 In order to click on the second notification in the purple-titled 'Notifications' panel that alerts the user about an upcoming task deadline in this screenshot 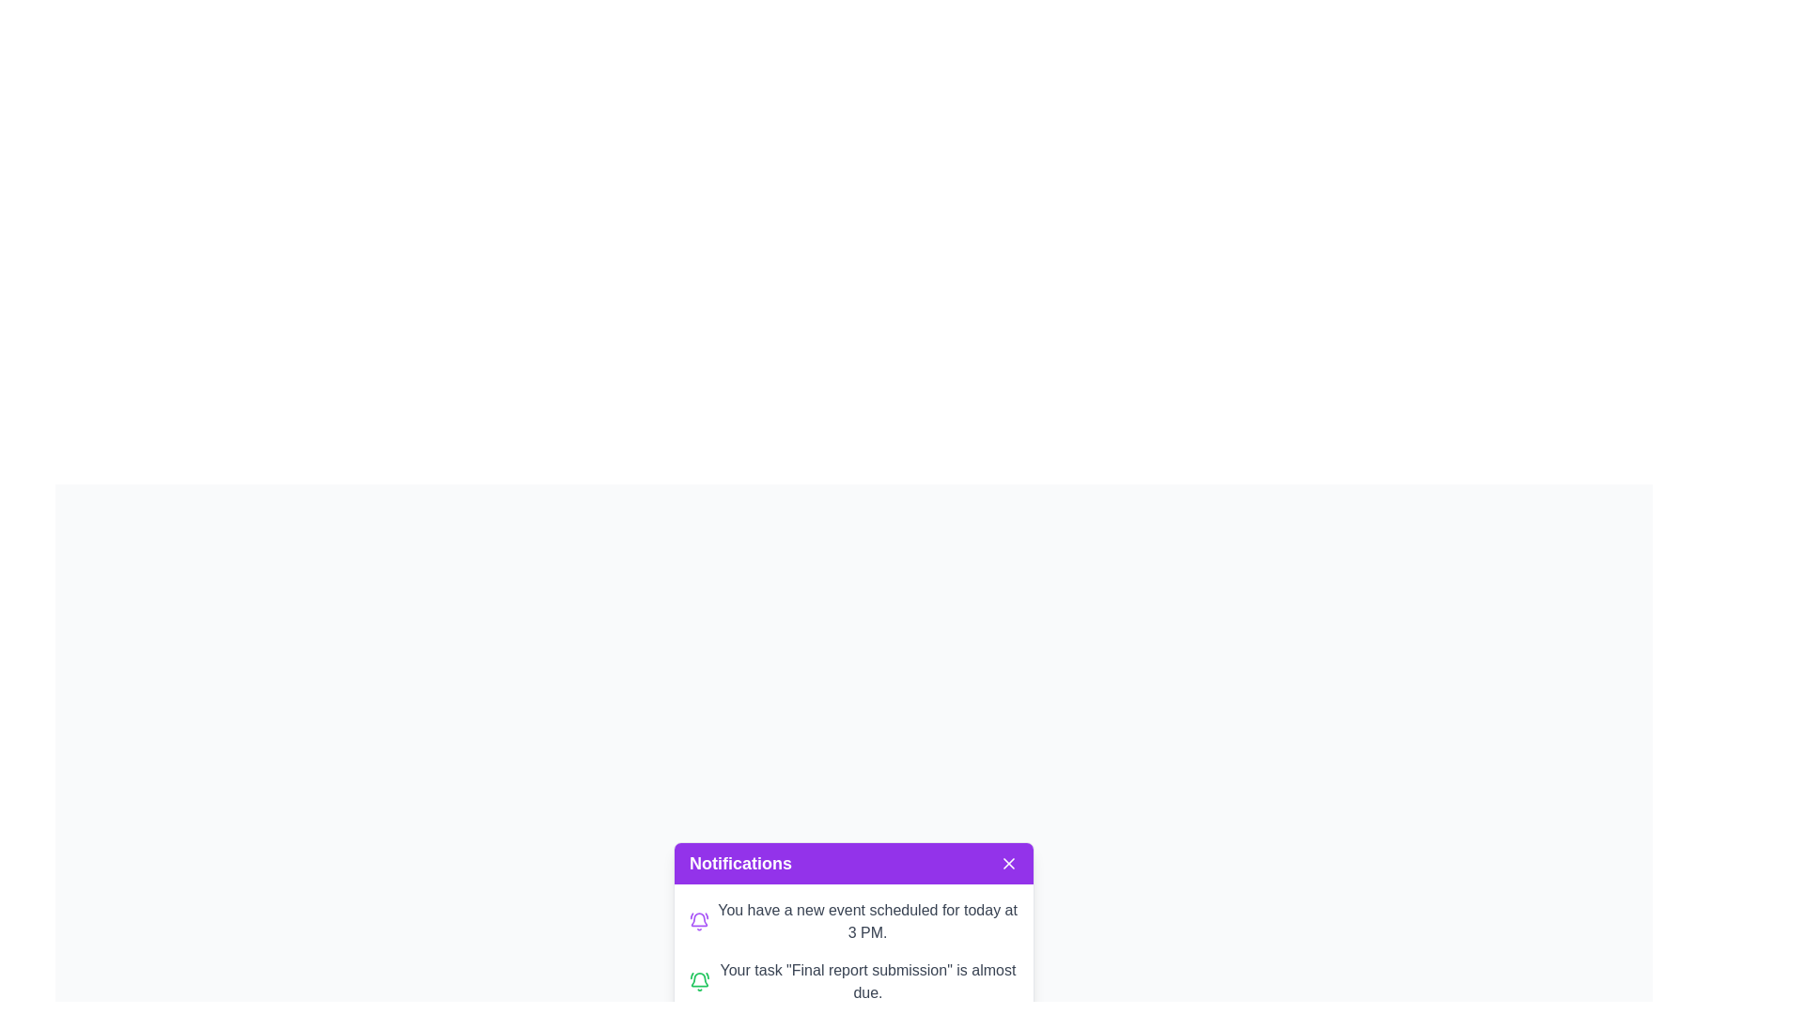, I will do `click(852, 980)`.